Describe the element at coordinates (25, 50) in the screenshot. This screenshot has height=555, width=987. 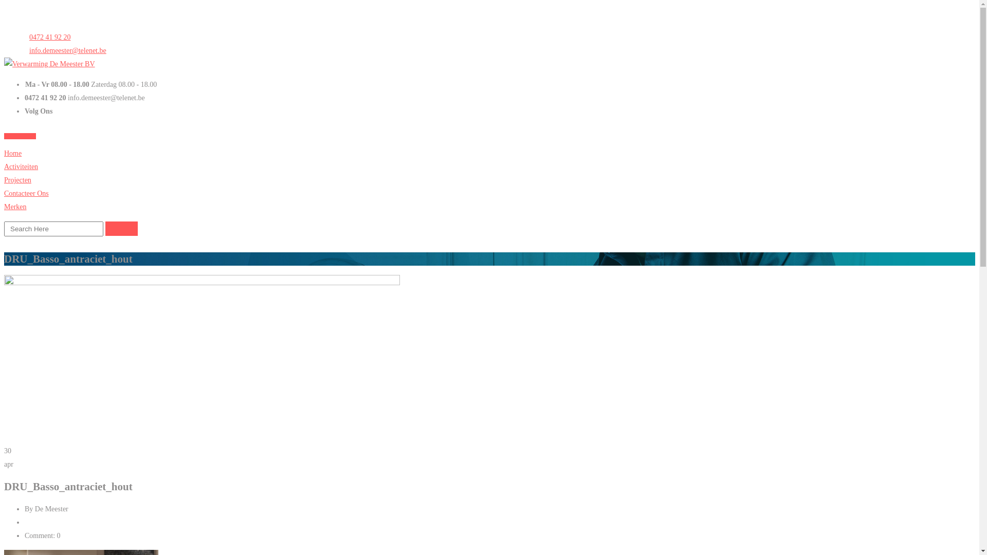
I see `'info.demeester@telenet.be'` at that location.